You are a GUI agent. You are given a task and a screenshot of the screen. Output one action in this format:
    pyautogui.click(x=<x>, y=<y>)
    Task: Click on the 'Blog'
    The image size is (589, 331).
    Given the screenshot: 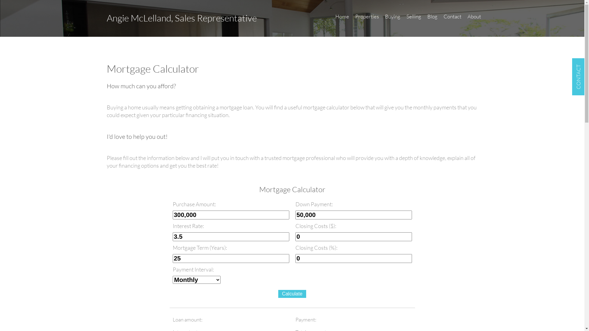 What is the action you would take?
    pyautogui.click(x=424, y=18)
    